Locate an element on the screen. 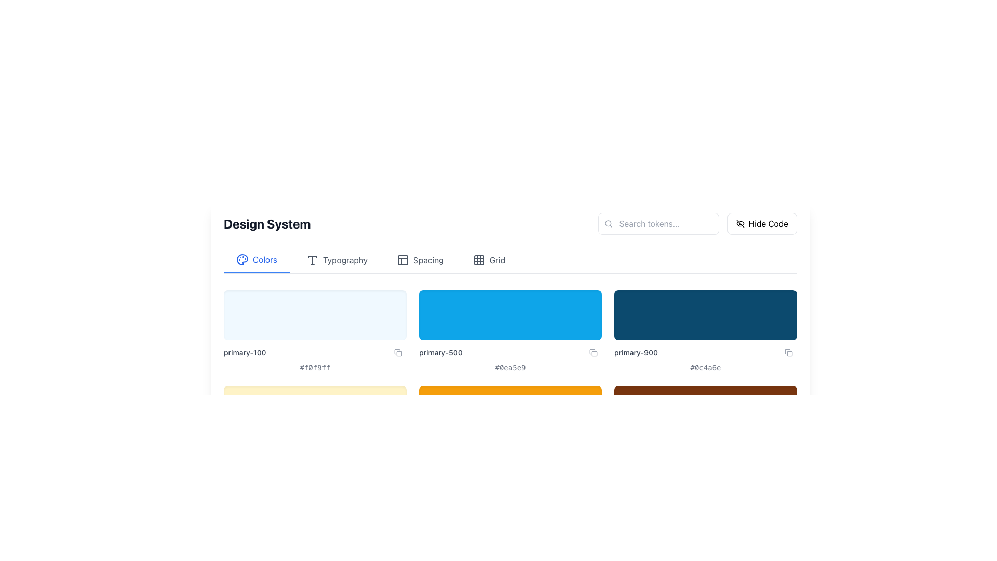  the navigation button labeled 'Spacing', which is the third button in a horizontal row of options including 'Colors', 'Typography', and 'Grid' is located at coordinates (420, 260).